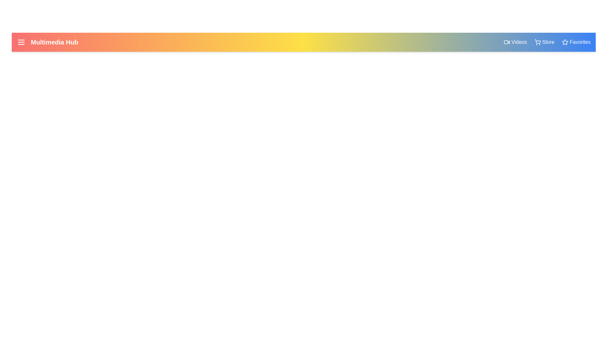 The width and height of the screenshot is (611, 343). What do you see at coordinates (515, 42) in the screenshot?
I see `the 'Videos' link to navigate to the Videos section` at bounding box center [515, 42].